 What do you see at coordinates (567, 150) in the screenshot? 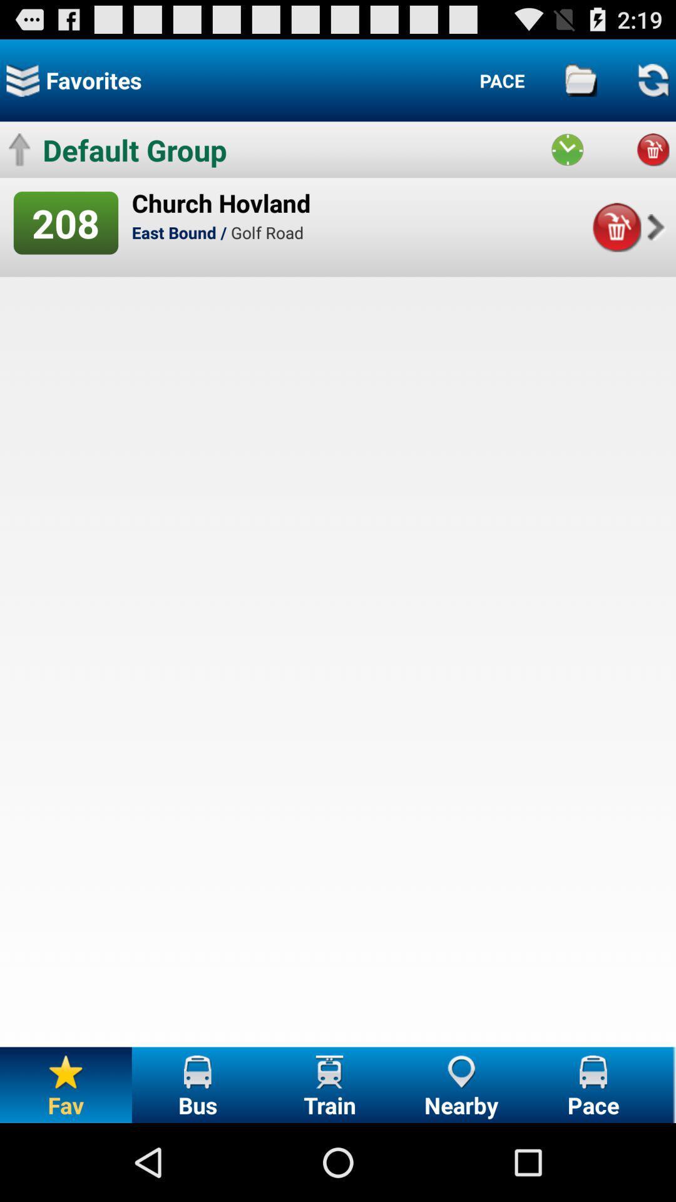
I see `check time` at bounding box center [567, 150].